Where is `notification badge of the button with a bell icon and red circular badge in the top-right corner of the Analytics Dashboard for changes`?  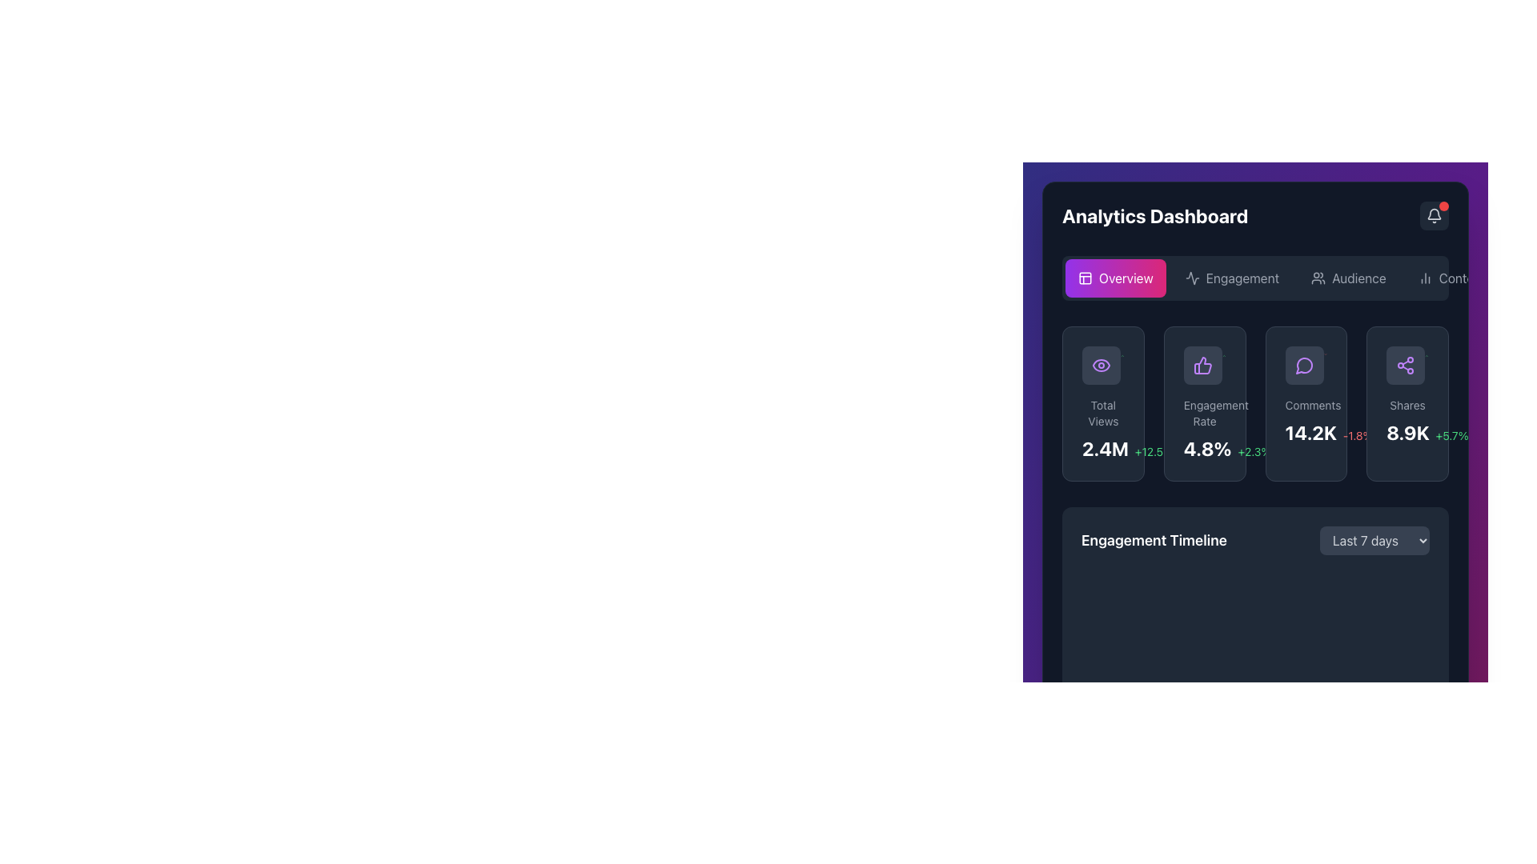 notification badge of the button with a bell icon and red circular badge in the top-right corner of the Analytics Dashboard for changes is located at coordinates (1434, 216).